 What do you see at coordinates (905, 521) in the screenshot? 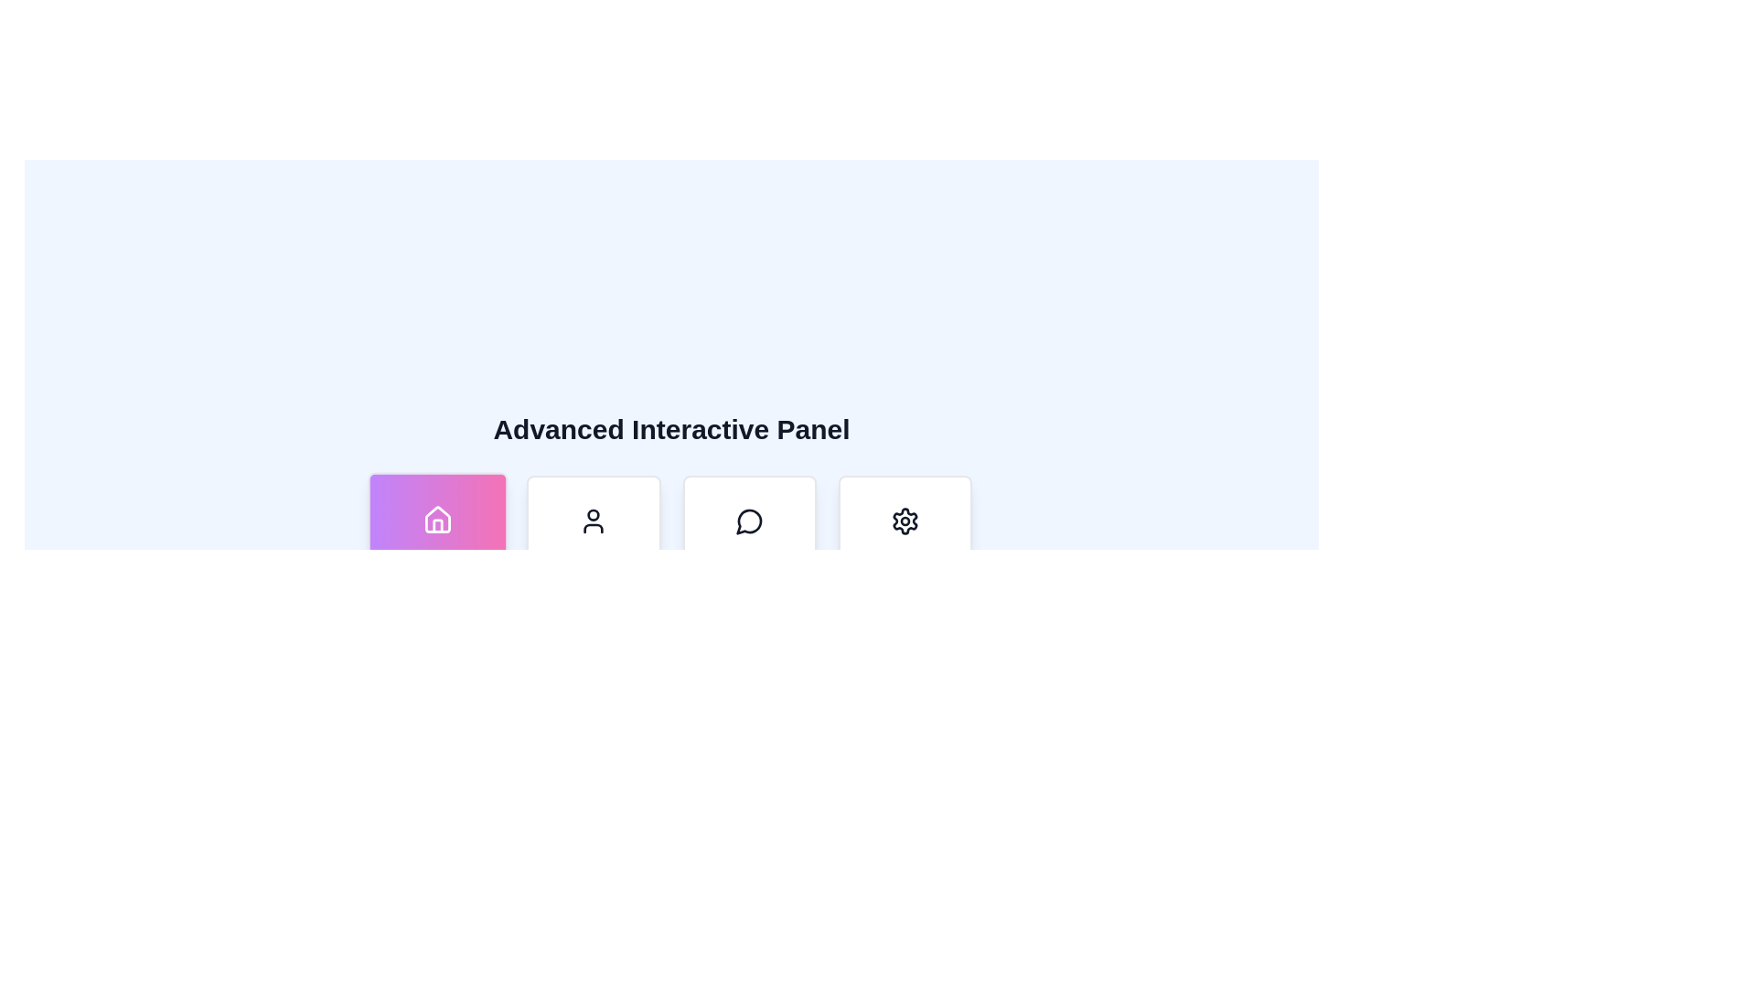
I see `the cogwheel icon embedded in the button located at the far right of the horizontal navigation bar` at bounding box center [905, 521].